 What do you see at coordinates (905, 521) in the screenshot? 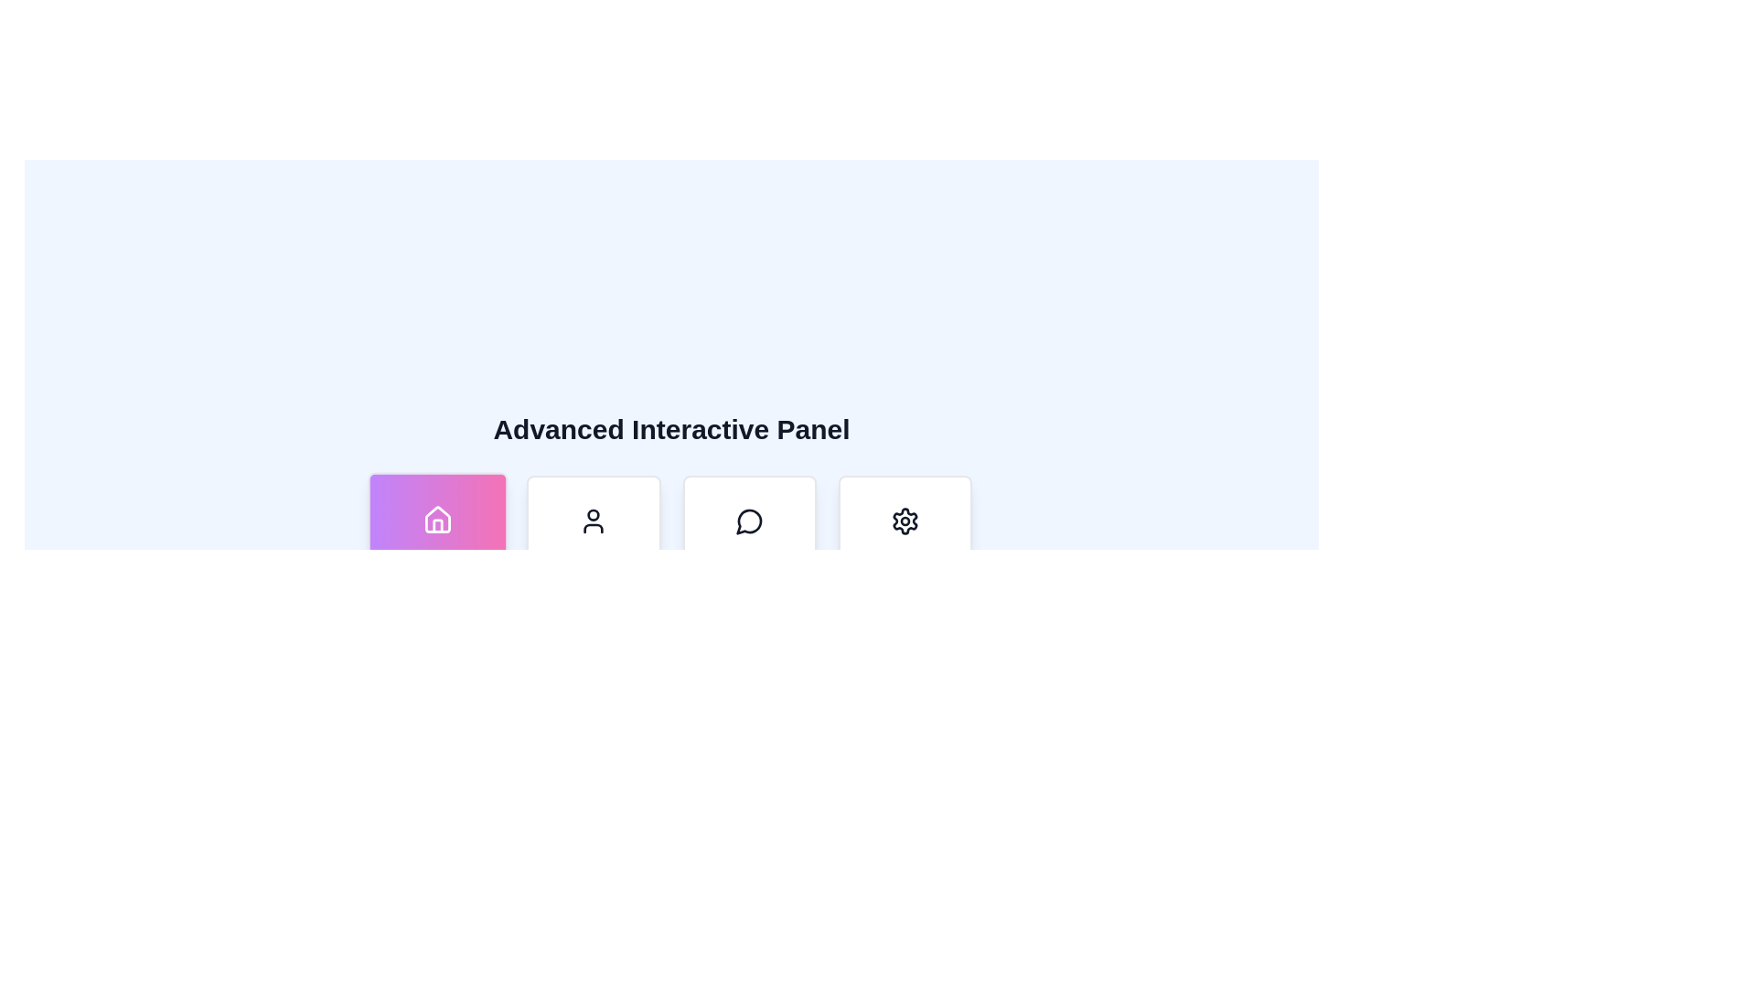
I see `the cogwheel icon embedded in the button located at the far right of the horizontal navigation bar` at bounding box center [905, 521].